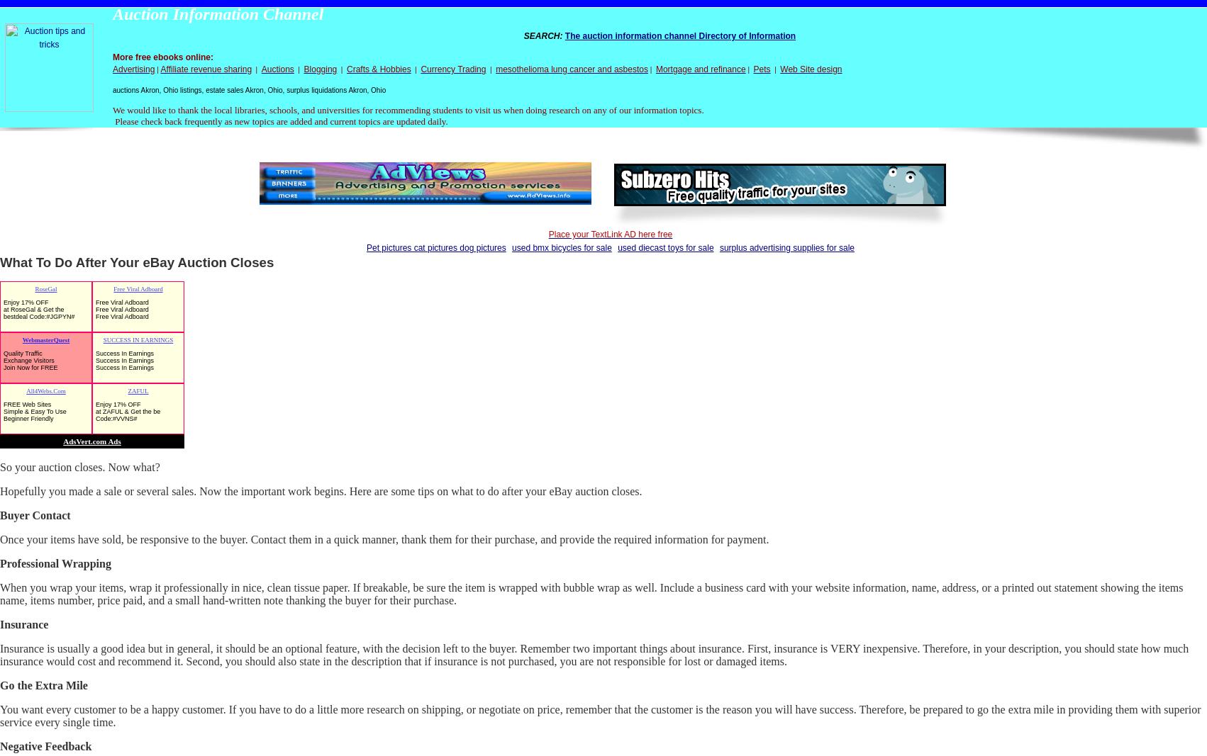 The width and height of the screenshot is (1207, 756). I want to click on 'Professional Wrapping', so click(55, 563).